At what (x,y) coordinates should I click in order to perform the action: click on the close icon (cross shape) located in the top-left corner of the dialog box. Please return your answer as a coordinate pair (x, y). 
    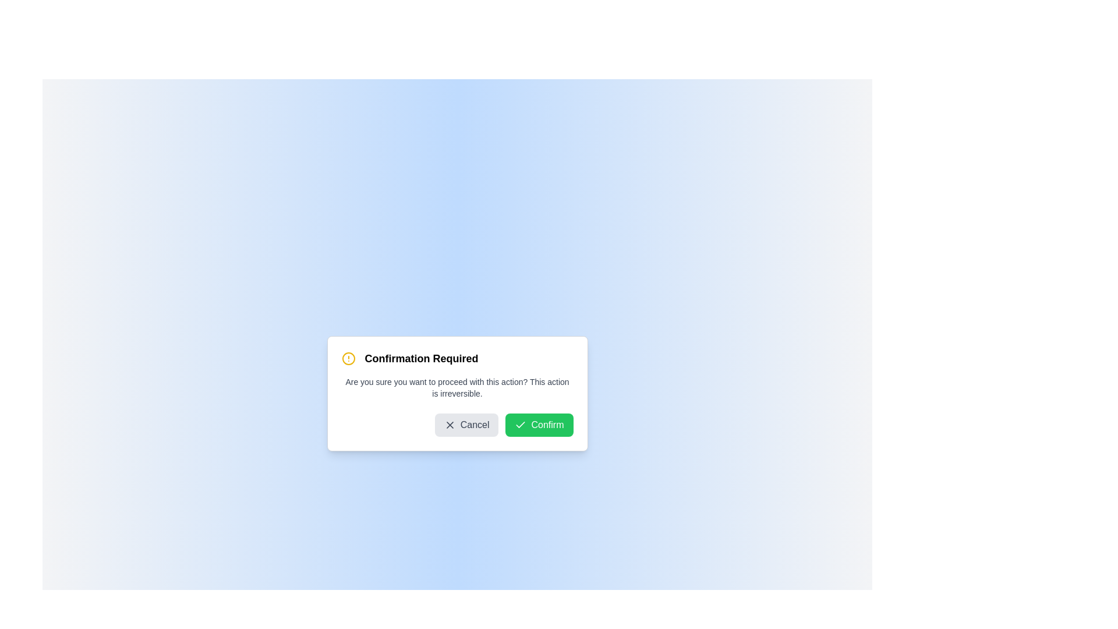
    Looking at the image, I should click on (449, 425).